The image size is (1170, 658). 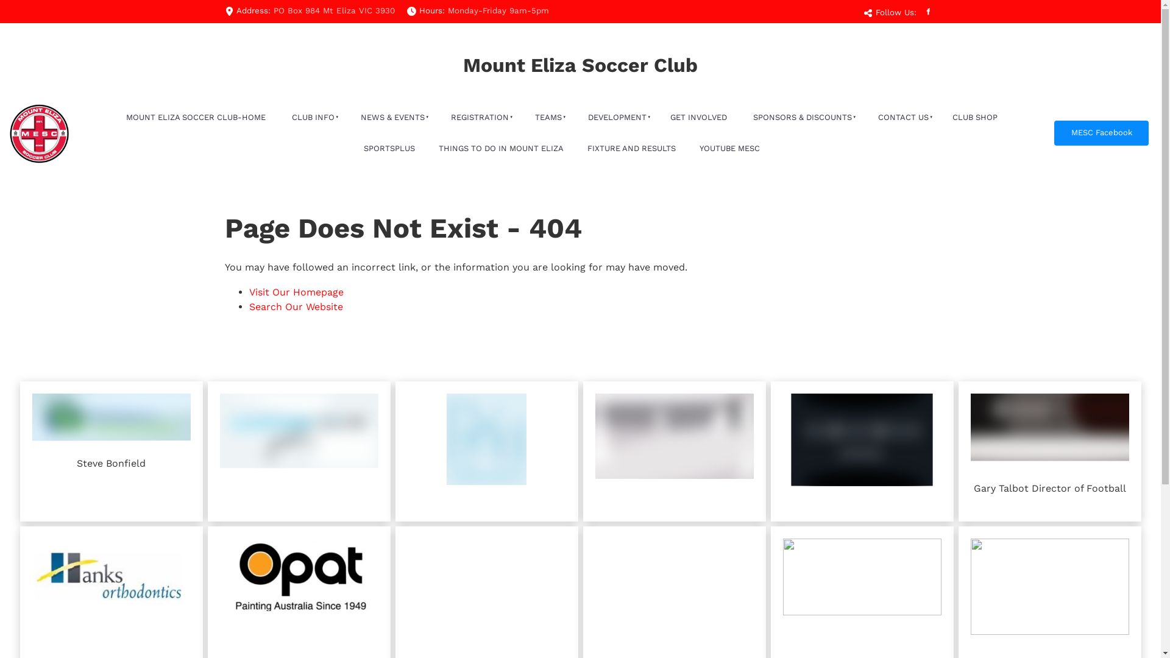 What do you see at coordinates (698, 118) in the screenshot?
I see `'GET INVOLVED'` at bounding box center [698, 118].